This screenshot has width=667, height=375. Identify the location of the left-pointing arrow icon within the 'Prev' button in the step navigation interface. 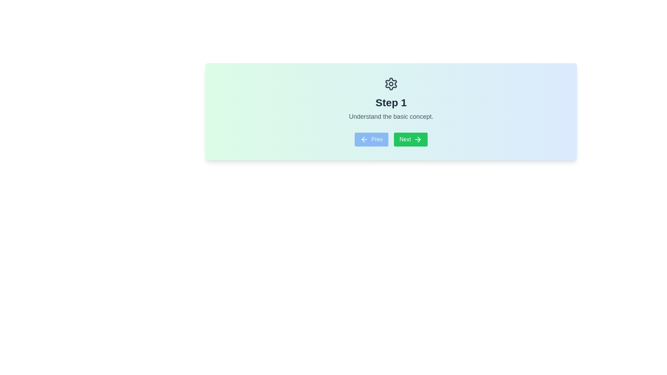
(364, 139).